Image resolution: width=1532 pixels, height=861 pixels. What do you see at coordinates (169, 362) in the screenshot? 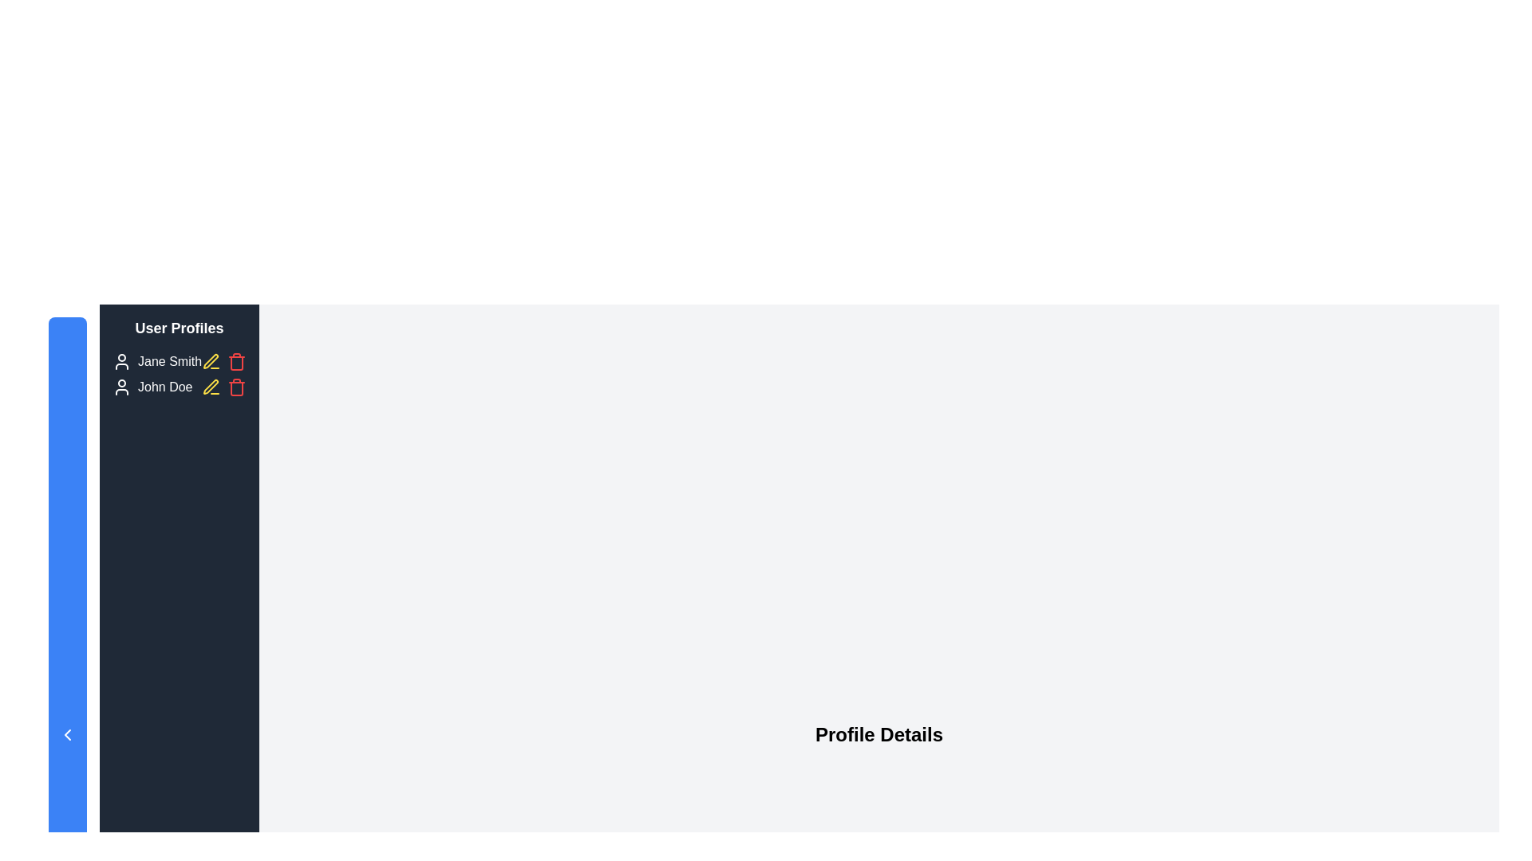
I see `the Text Label 'Jane Smith' which identifies the user profile, located in the left sidebar next to the edit and delete icons` at bounding box center [169, 362].